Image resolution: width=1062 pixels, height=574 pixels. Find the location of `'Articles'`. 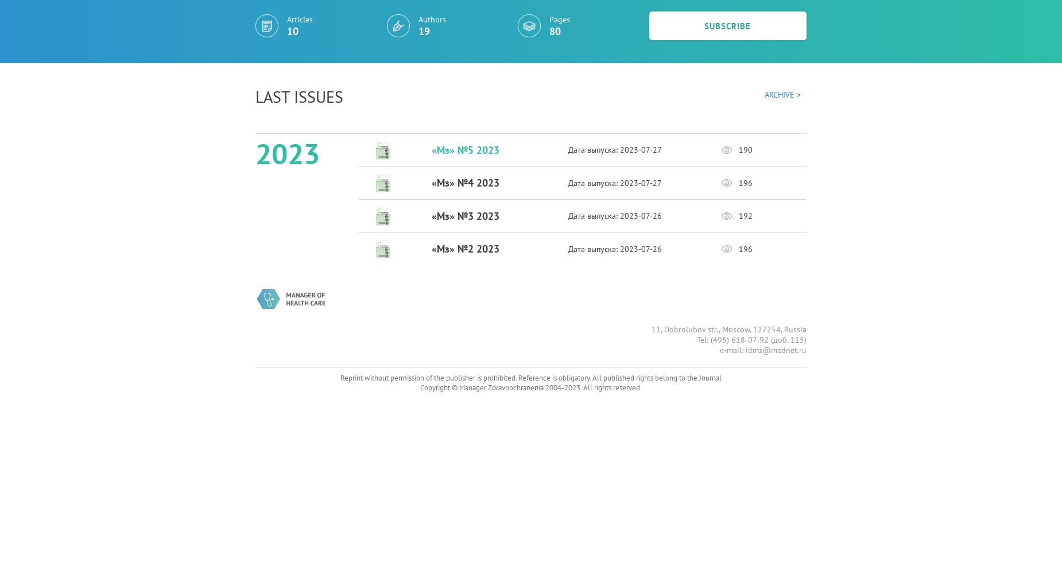

'Articles' is located at coordinates (300, 19).